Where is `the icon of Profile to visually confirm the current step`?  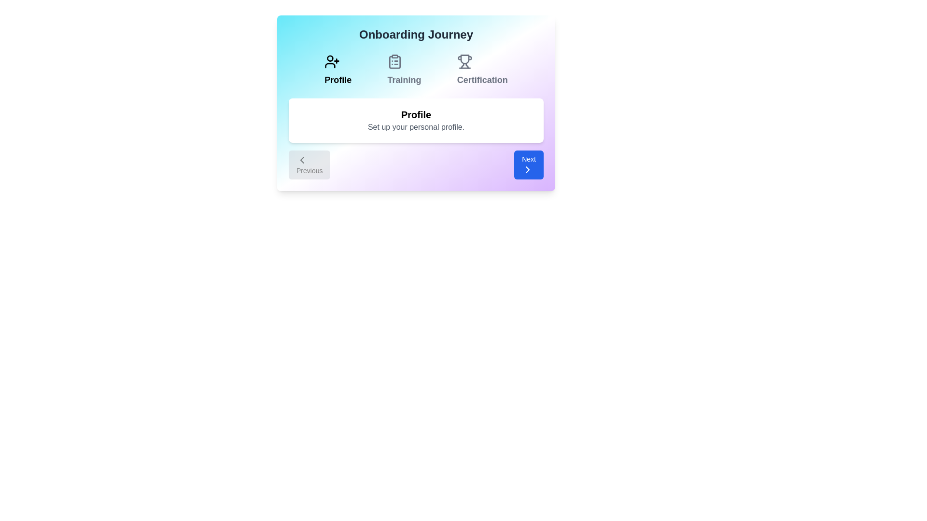
the icon of Profile to visually confirm the current step is located at coordinates (338, 61).